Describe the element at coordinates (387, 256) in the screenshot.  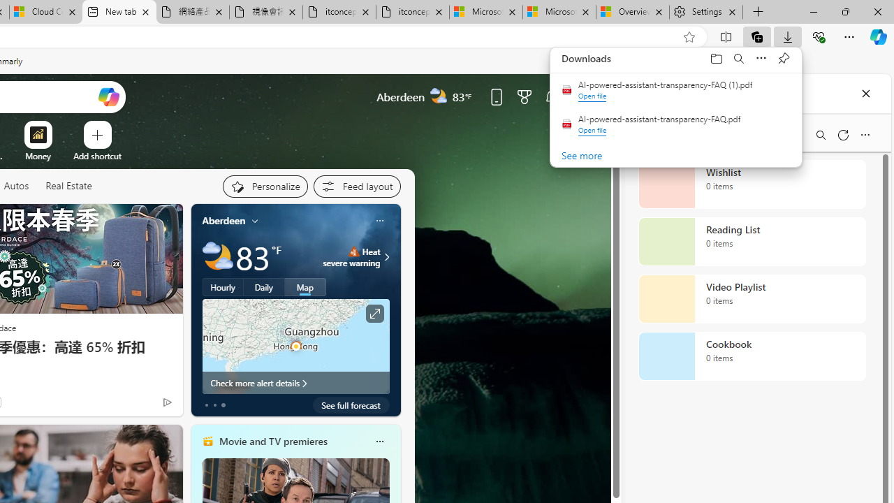
I see `'Class: weather-arrow-glyph'` at that location.